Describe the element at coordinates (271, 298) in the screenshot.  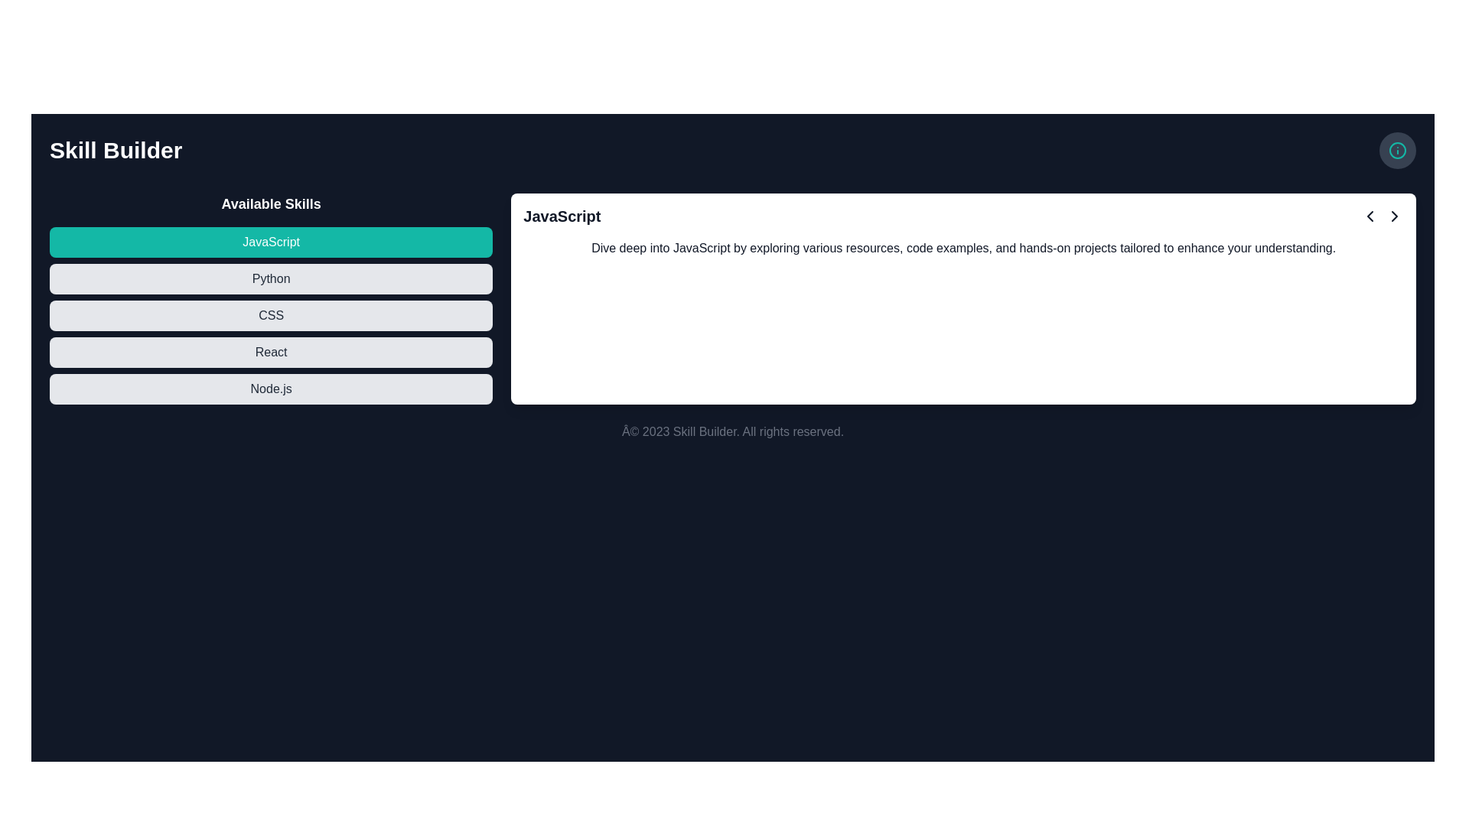
I see `an item in the 'Available Skills' list` at that location.